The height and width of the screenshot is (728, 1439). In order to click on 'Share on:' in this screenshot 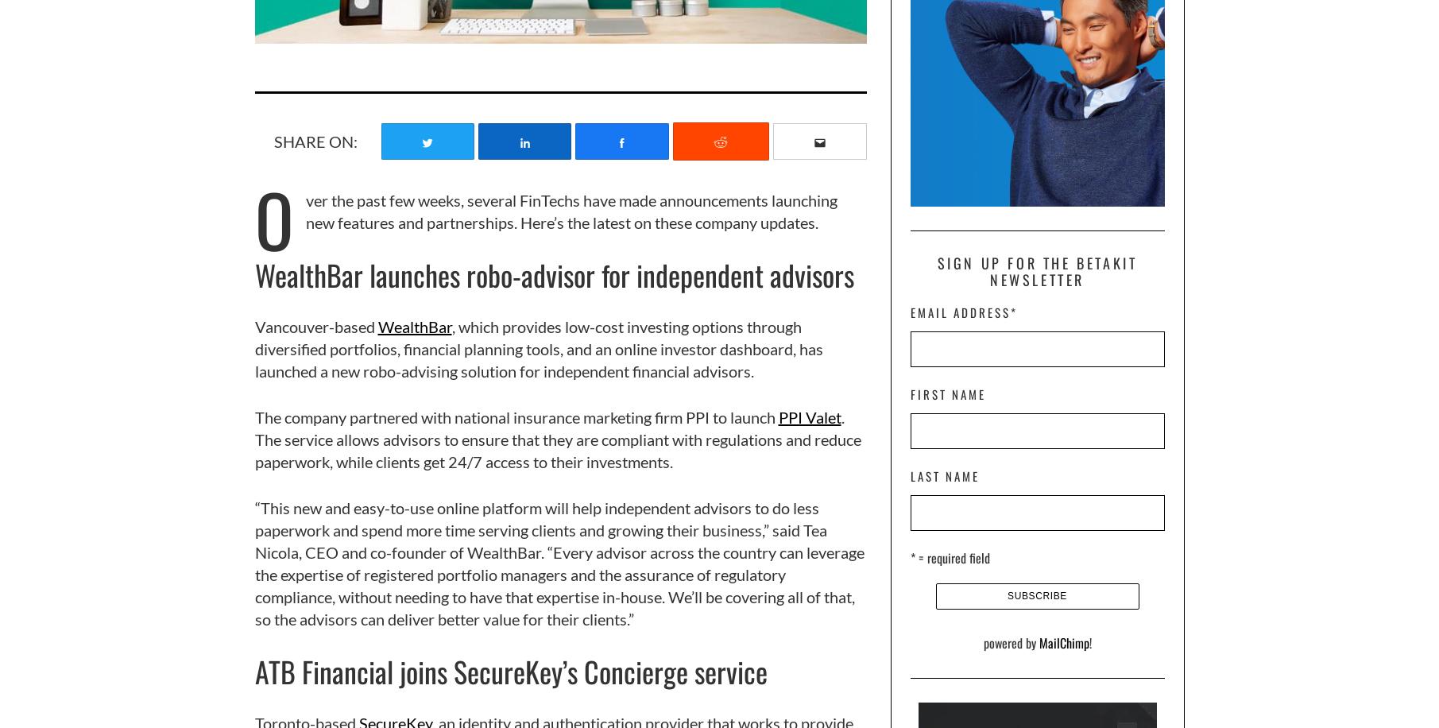, I will do `click(315, 140)`.